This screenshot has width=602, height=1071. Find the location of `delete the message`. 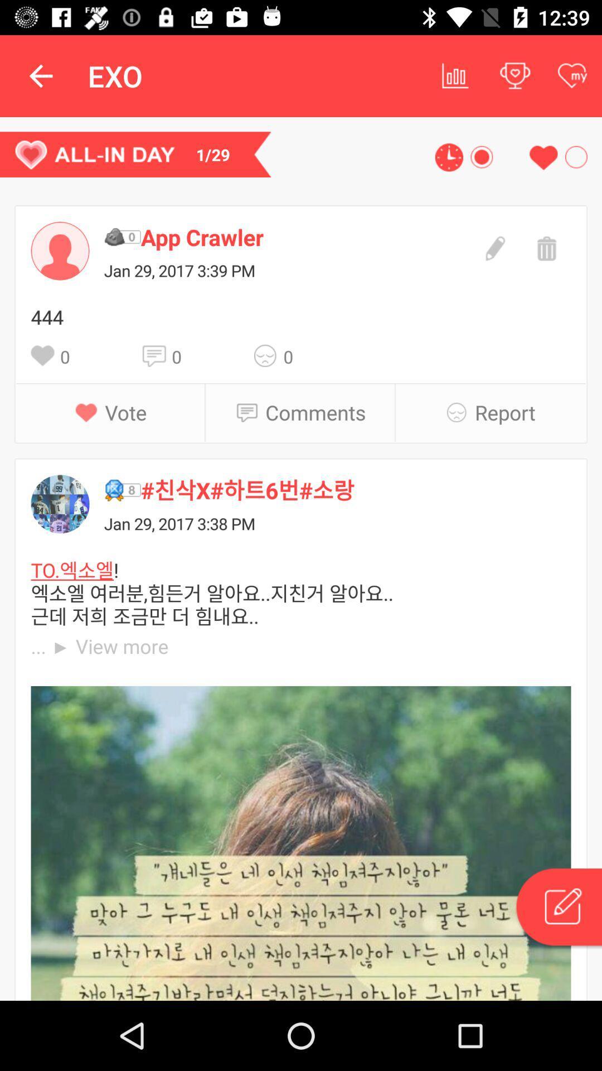

delete the message is located at coordinates (545, 247).